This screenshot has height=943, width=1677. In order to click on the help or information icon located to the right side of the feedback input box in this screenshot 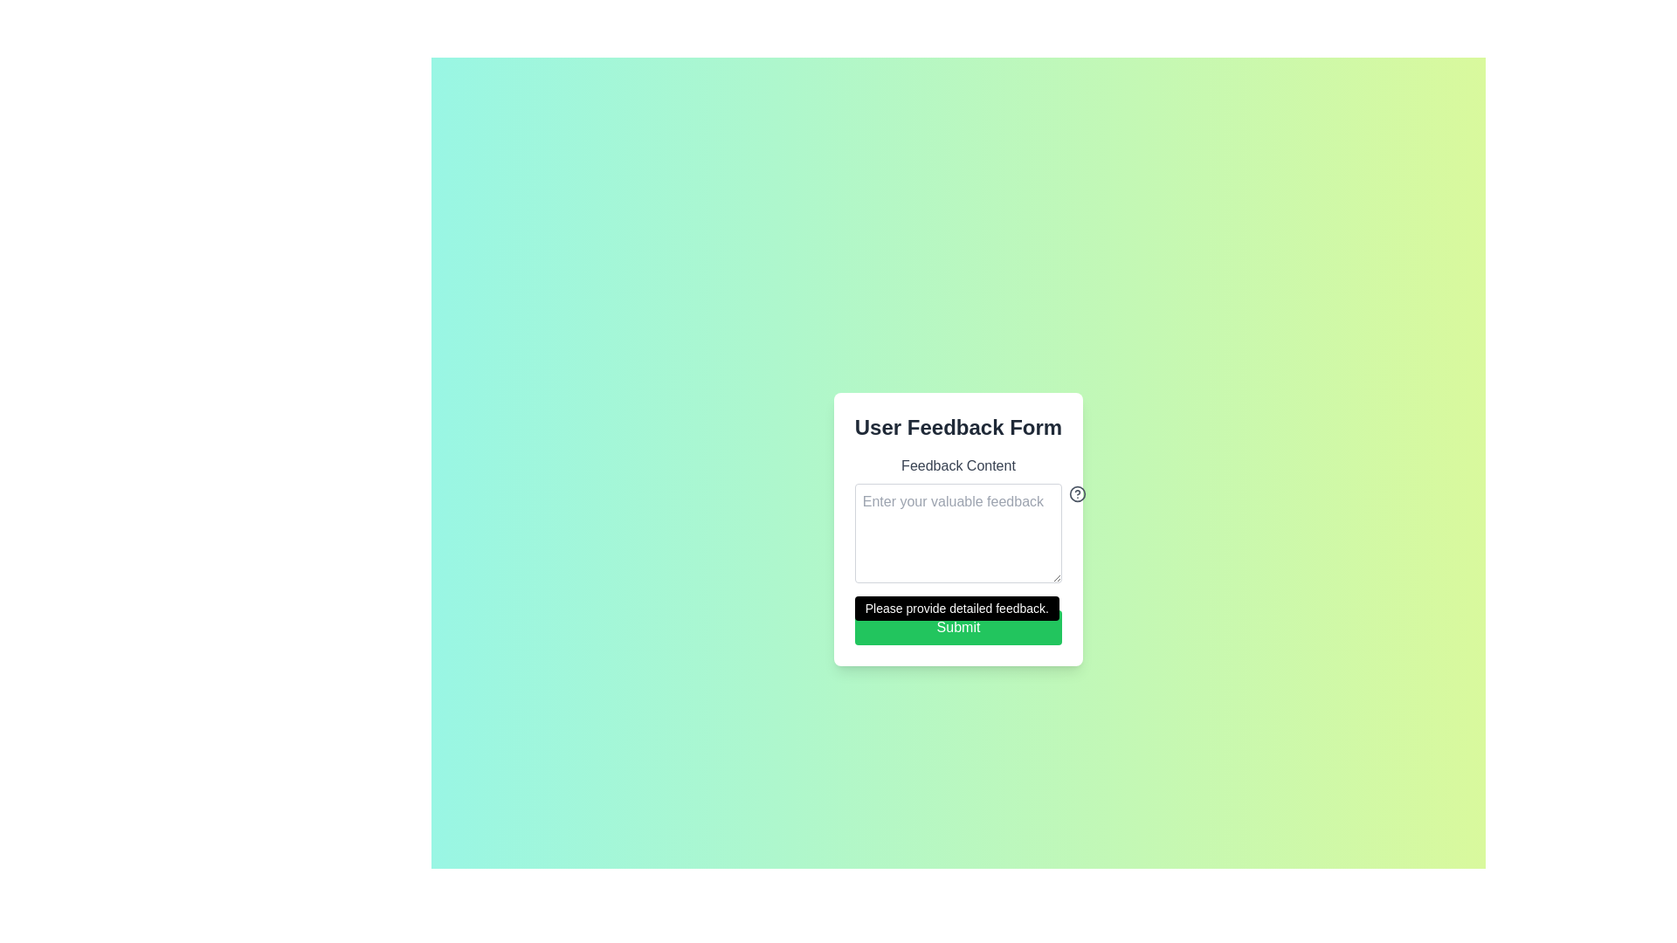, I will do `click(1077, 494)`.